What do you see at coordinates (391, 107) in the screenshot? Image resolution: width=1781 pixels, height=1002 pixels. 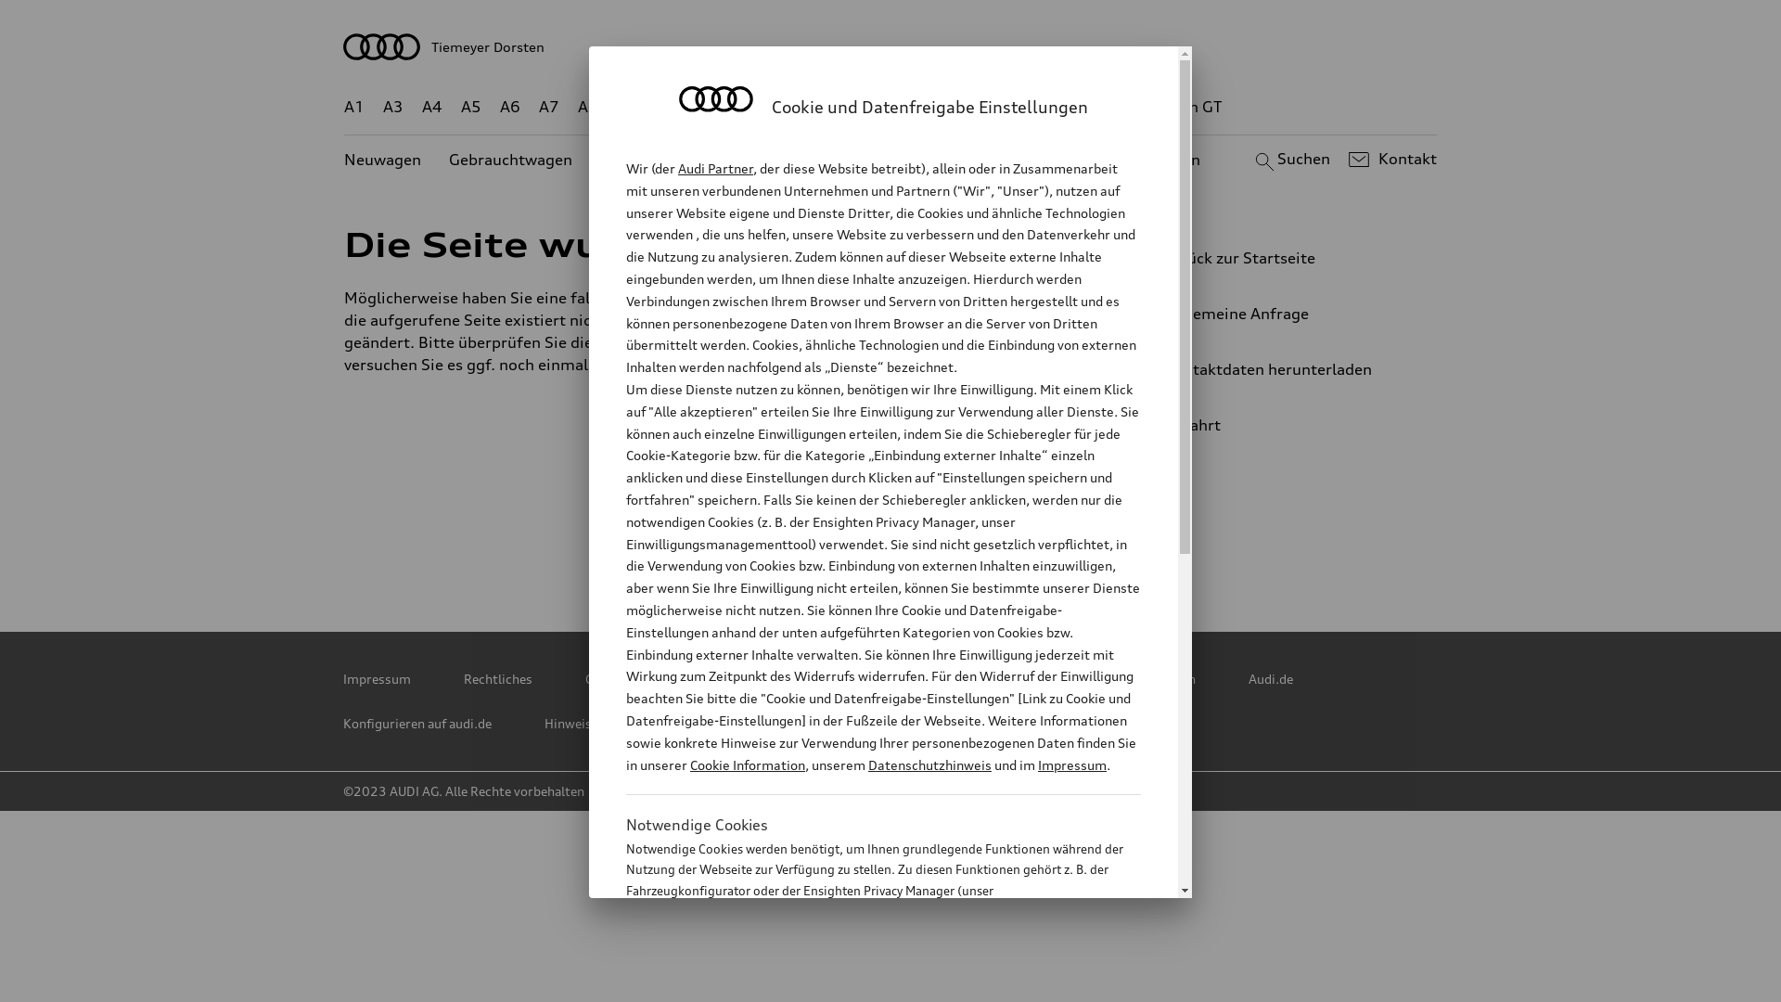 I see `'A3'` at bounding box center [391, 107].